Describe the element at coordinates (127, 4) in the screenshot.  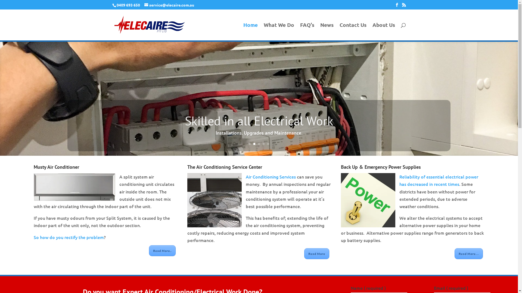
I see `'0409 693 650'` at that location.